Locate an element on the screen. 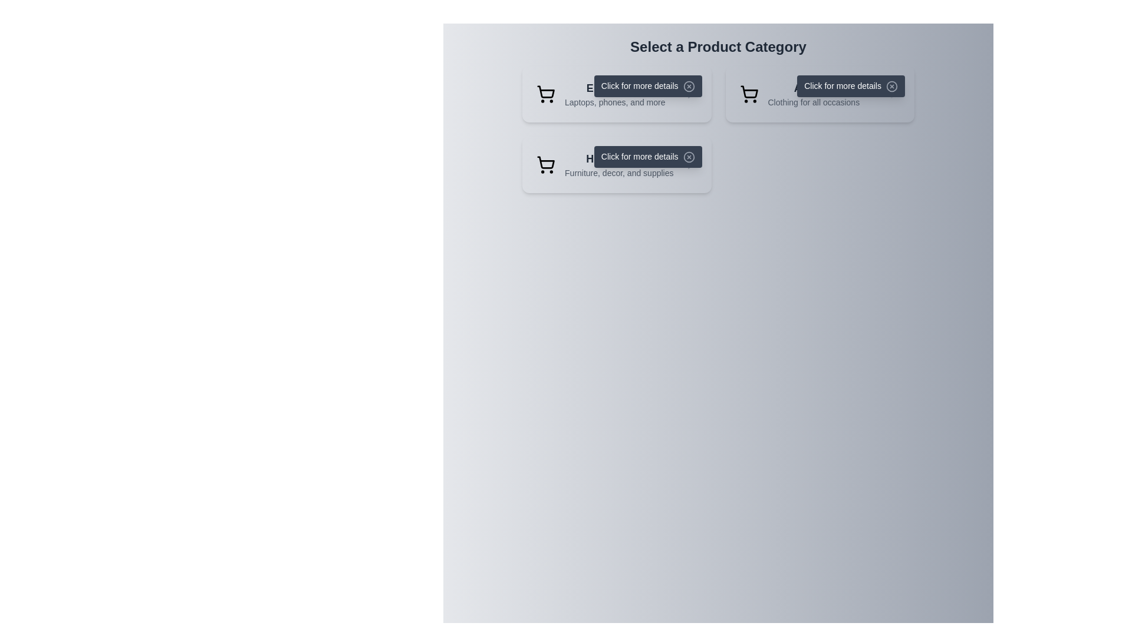 The image size is (1132, 636). the 'Home Goods' text description element, which is styled with a bold first line and a regular second line, located within a light green rounded rectangle in the third card of the product categories grid is located at coordinates (618, 165).